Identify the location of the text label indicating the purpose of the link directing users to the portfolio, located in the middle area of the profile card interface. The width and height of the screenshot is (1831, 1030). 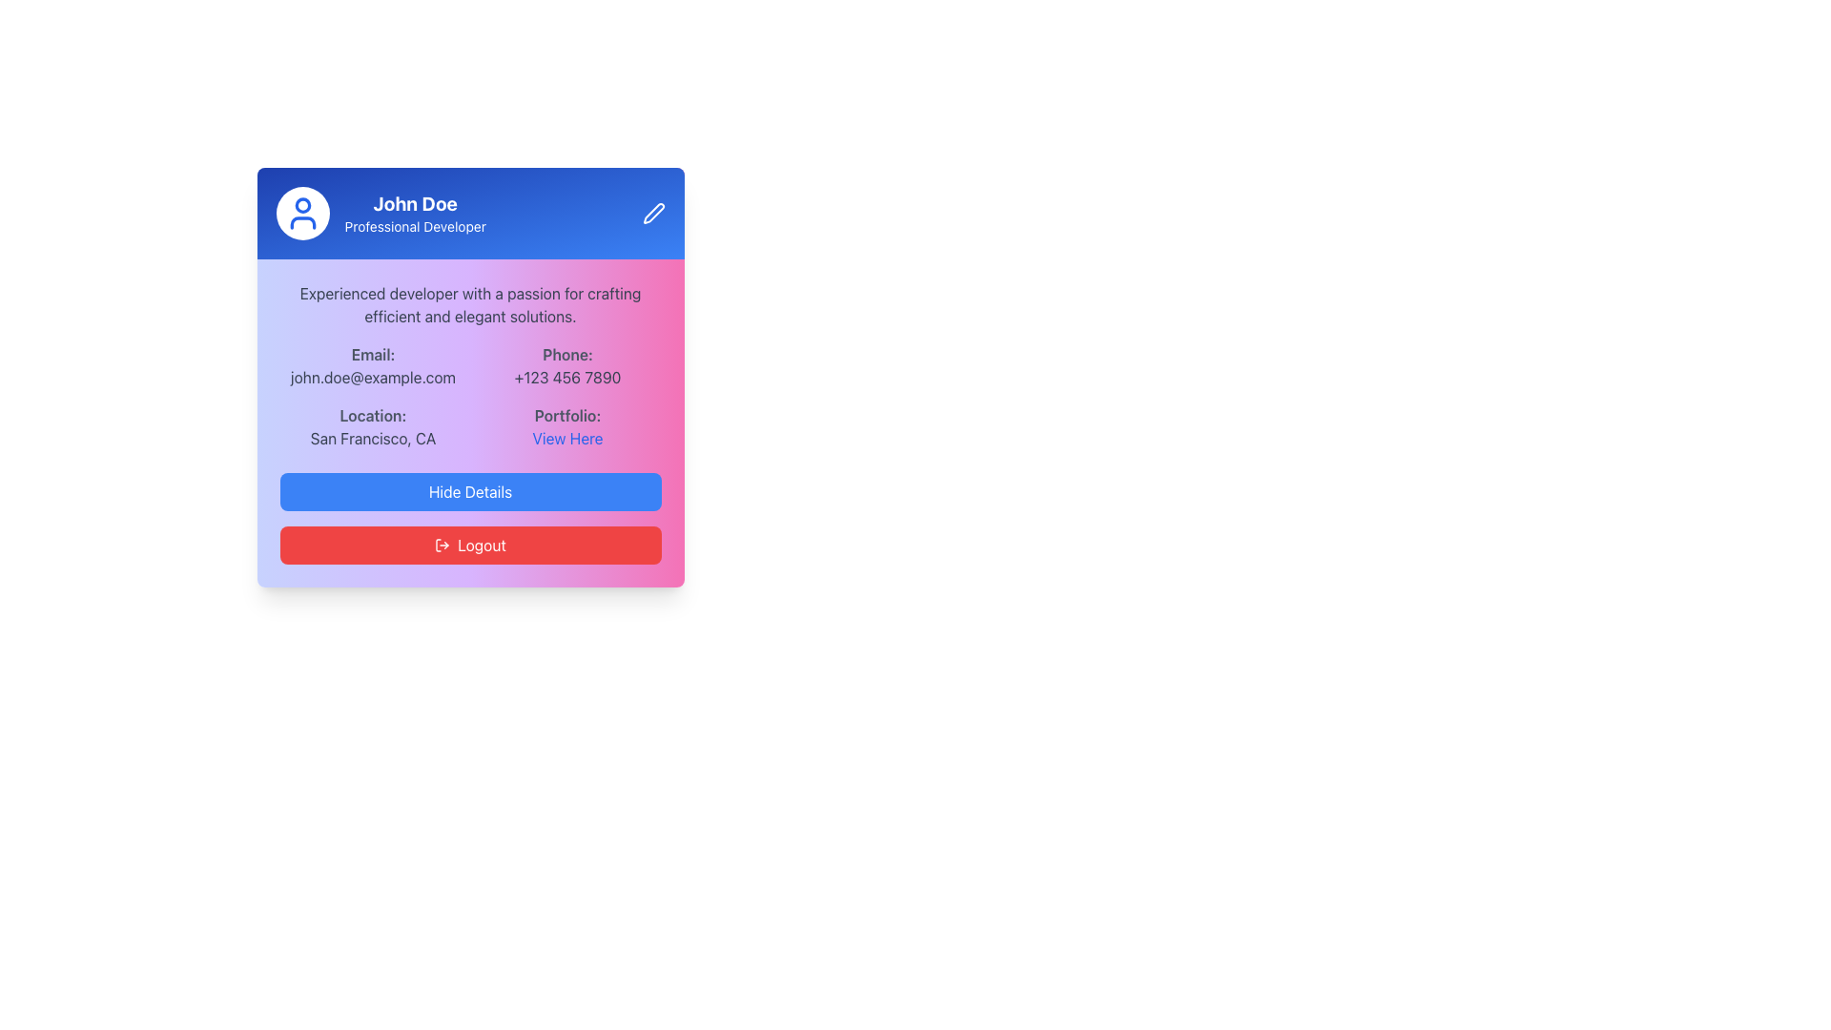
(566, 414).